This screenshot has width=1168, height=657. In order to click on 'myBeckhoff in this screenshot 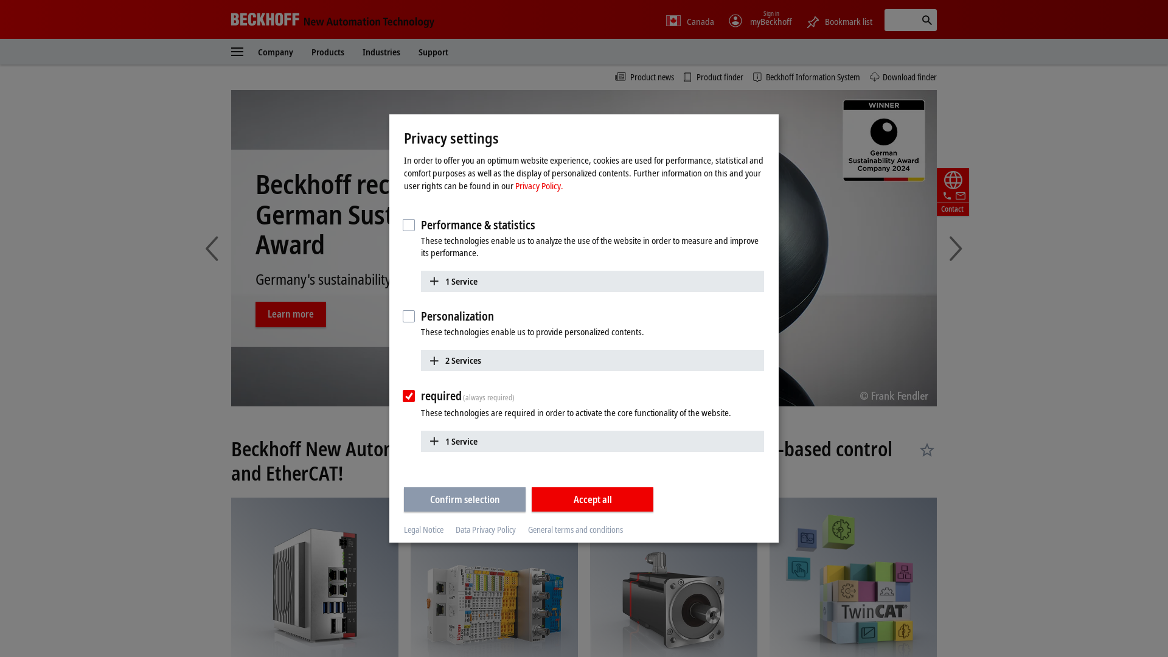, I will do `click(759, 21)`.